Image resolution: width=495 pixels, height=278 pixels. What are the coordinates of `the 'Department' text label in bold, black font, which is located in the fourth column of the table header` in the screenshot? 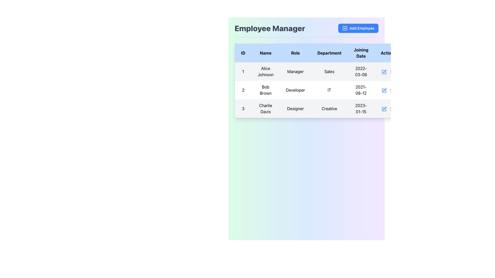 It's located at (329, 53).